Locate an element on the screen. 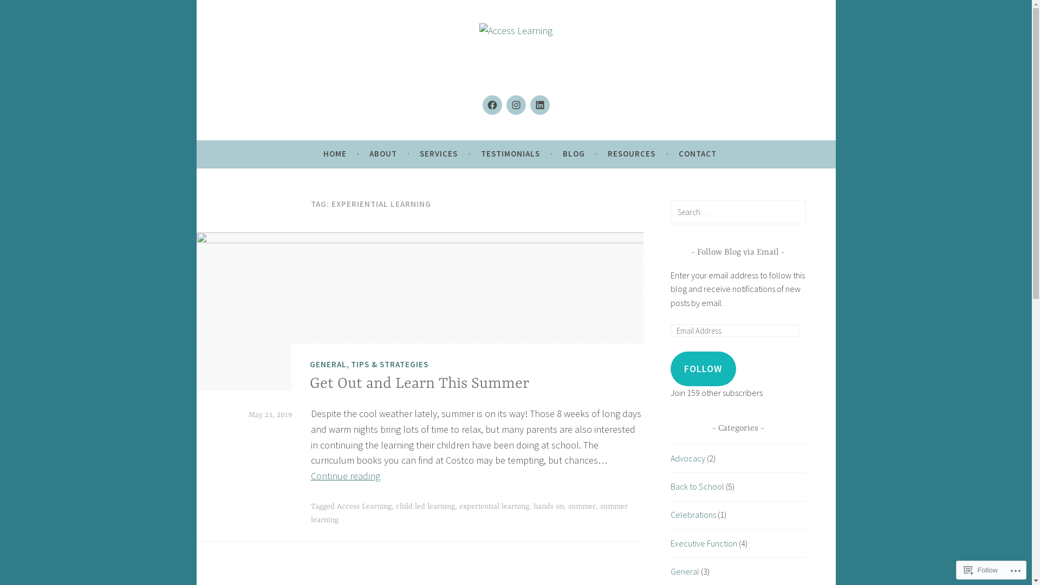 This screenshot has width=1040, height=585. 'ABOUT' is located at coordinates (383, 154).